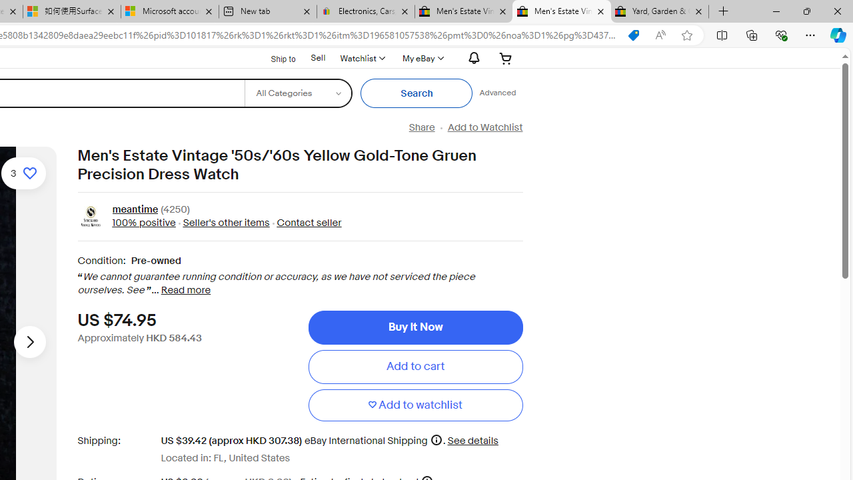 This screenshot has height=480, width=853. What do you see at coordinates (309, 222) in the screenshot?
I see `'Contact seller'` at bounding box center [309, 222].